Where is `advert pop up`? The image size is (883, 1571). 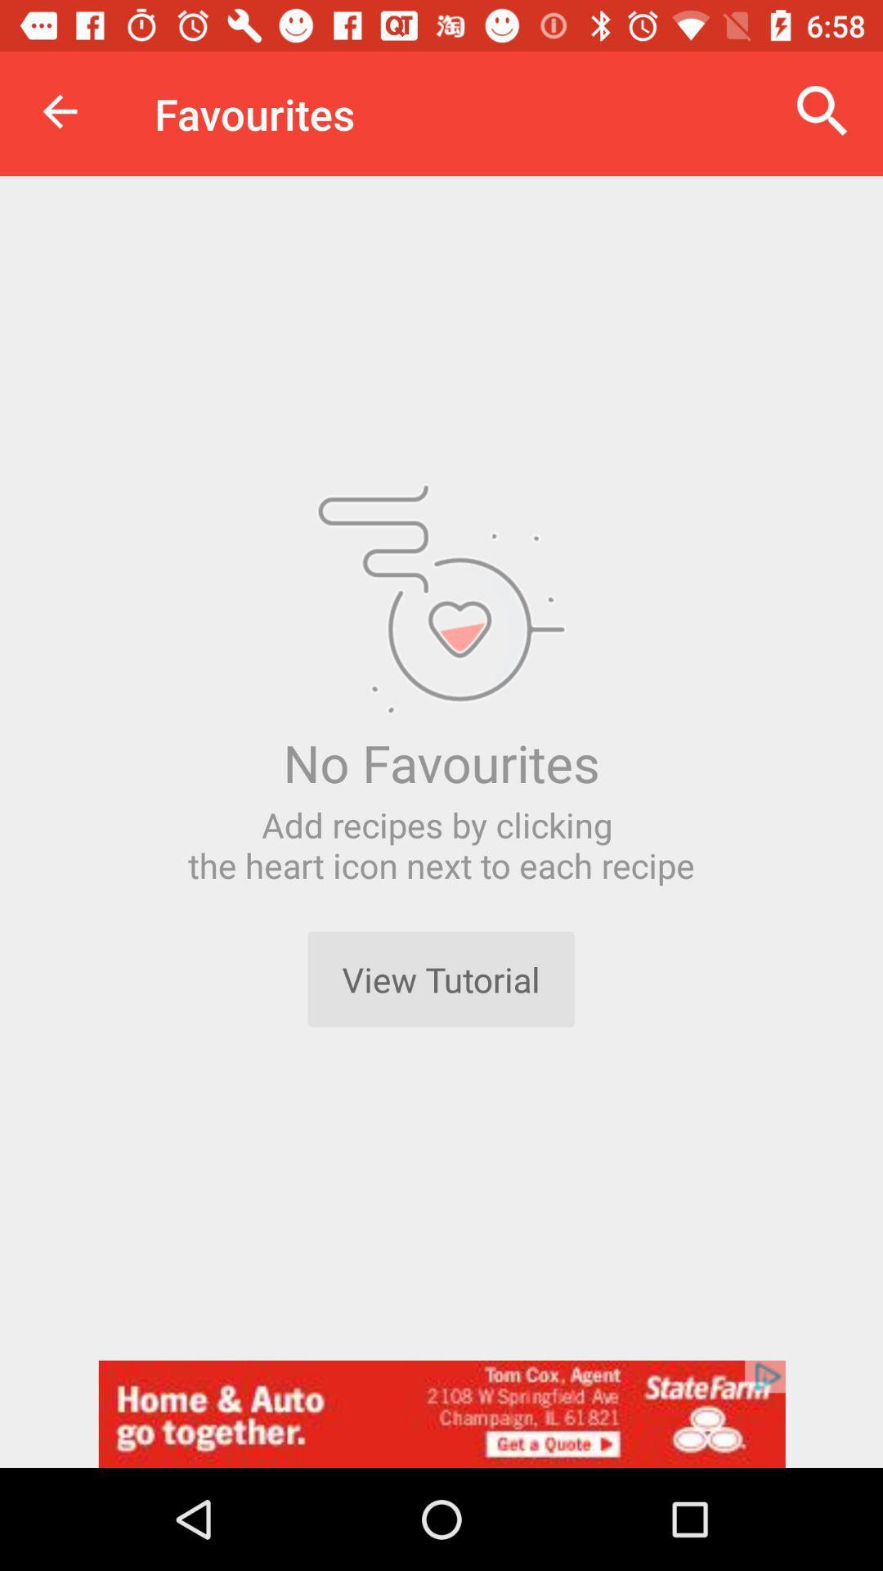 advert pop up is located at coordinates (441, 1413).